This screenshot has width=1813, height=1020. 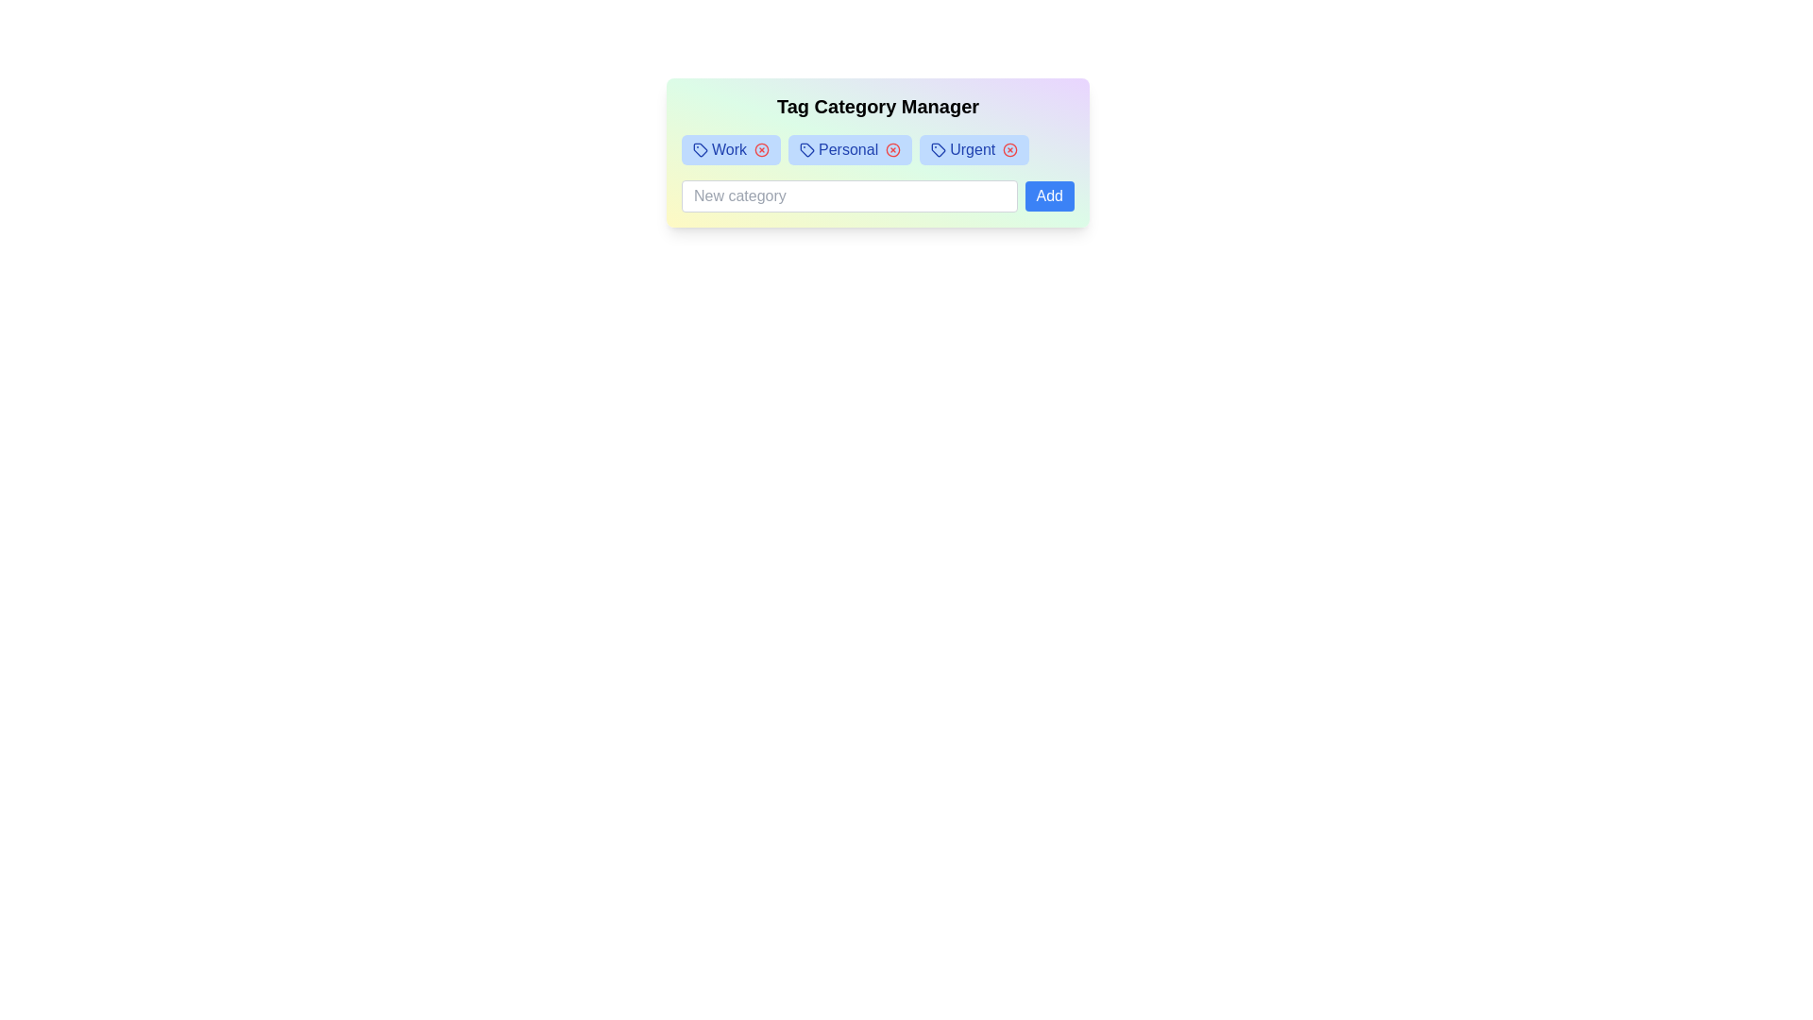 What do you see at coordinates (892, 148) in the screenshot?
I see `the circular icon button located within the 'Personal' tag` at bounding box center [892, 148].